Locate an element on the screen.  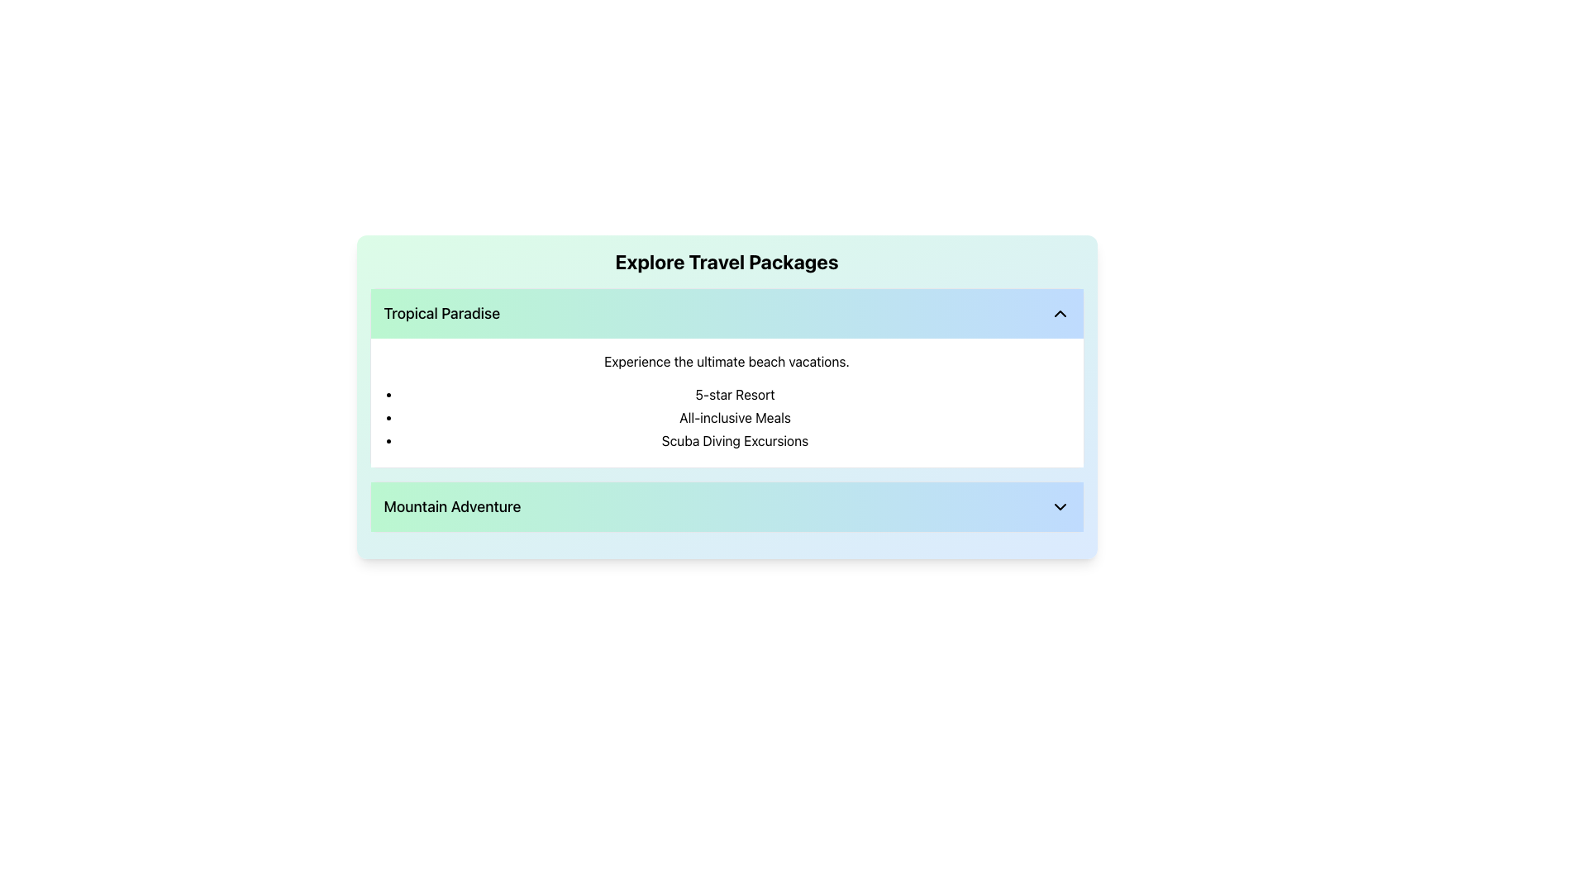
the 'Mountain Adventure' travel package button, which is a clickable dropdown trigger located at the bottom of the travel packages section is located at coordinates (727, 505).